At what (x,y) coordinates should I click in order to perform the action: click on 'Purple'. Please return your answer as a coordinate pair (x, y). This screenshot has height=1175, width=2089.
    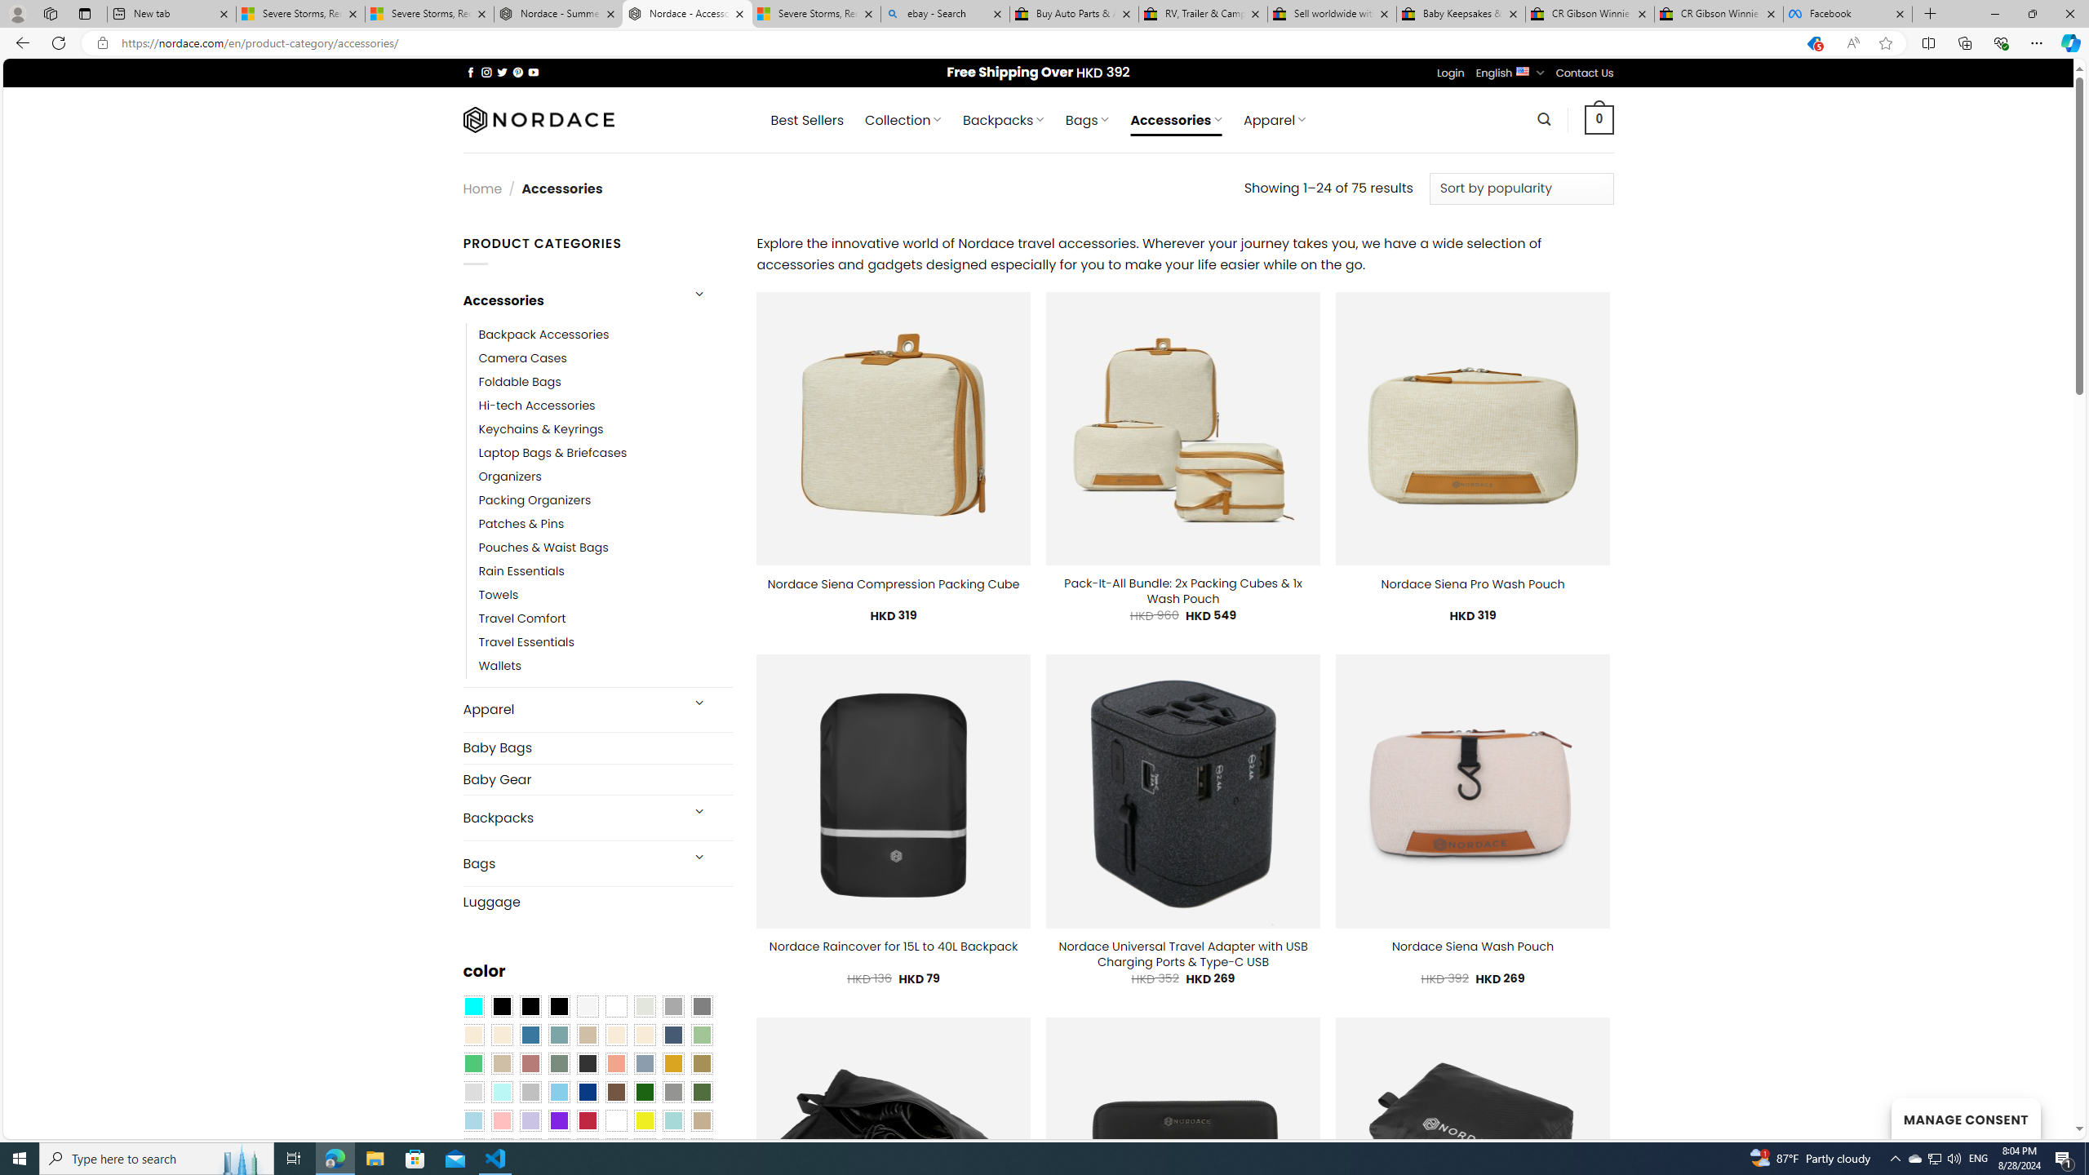
    Looking at the image, I should click on (558, 1120).